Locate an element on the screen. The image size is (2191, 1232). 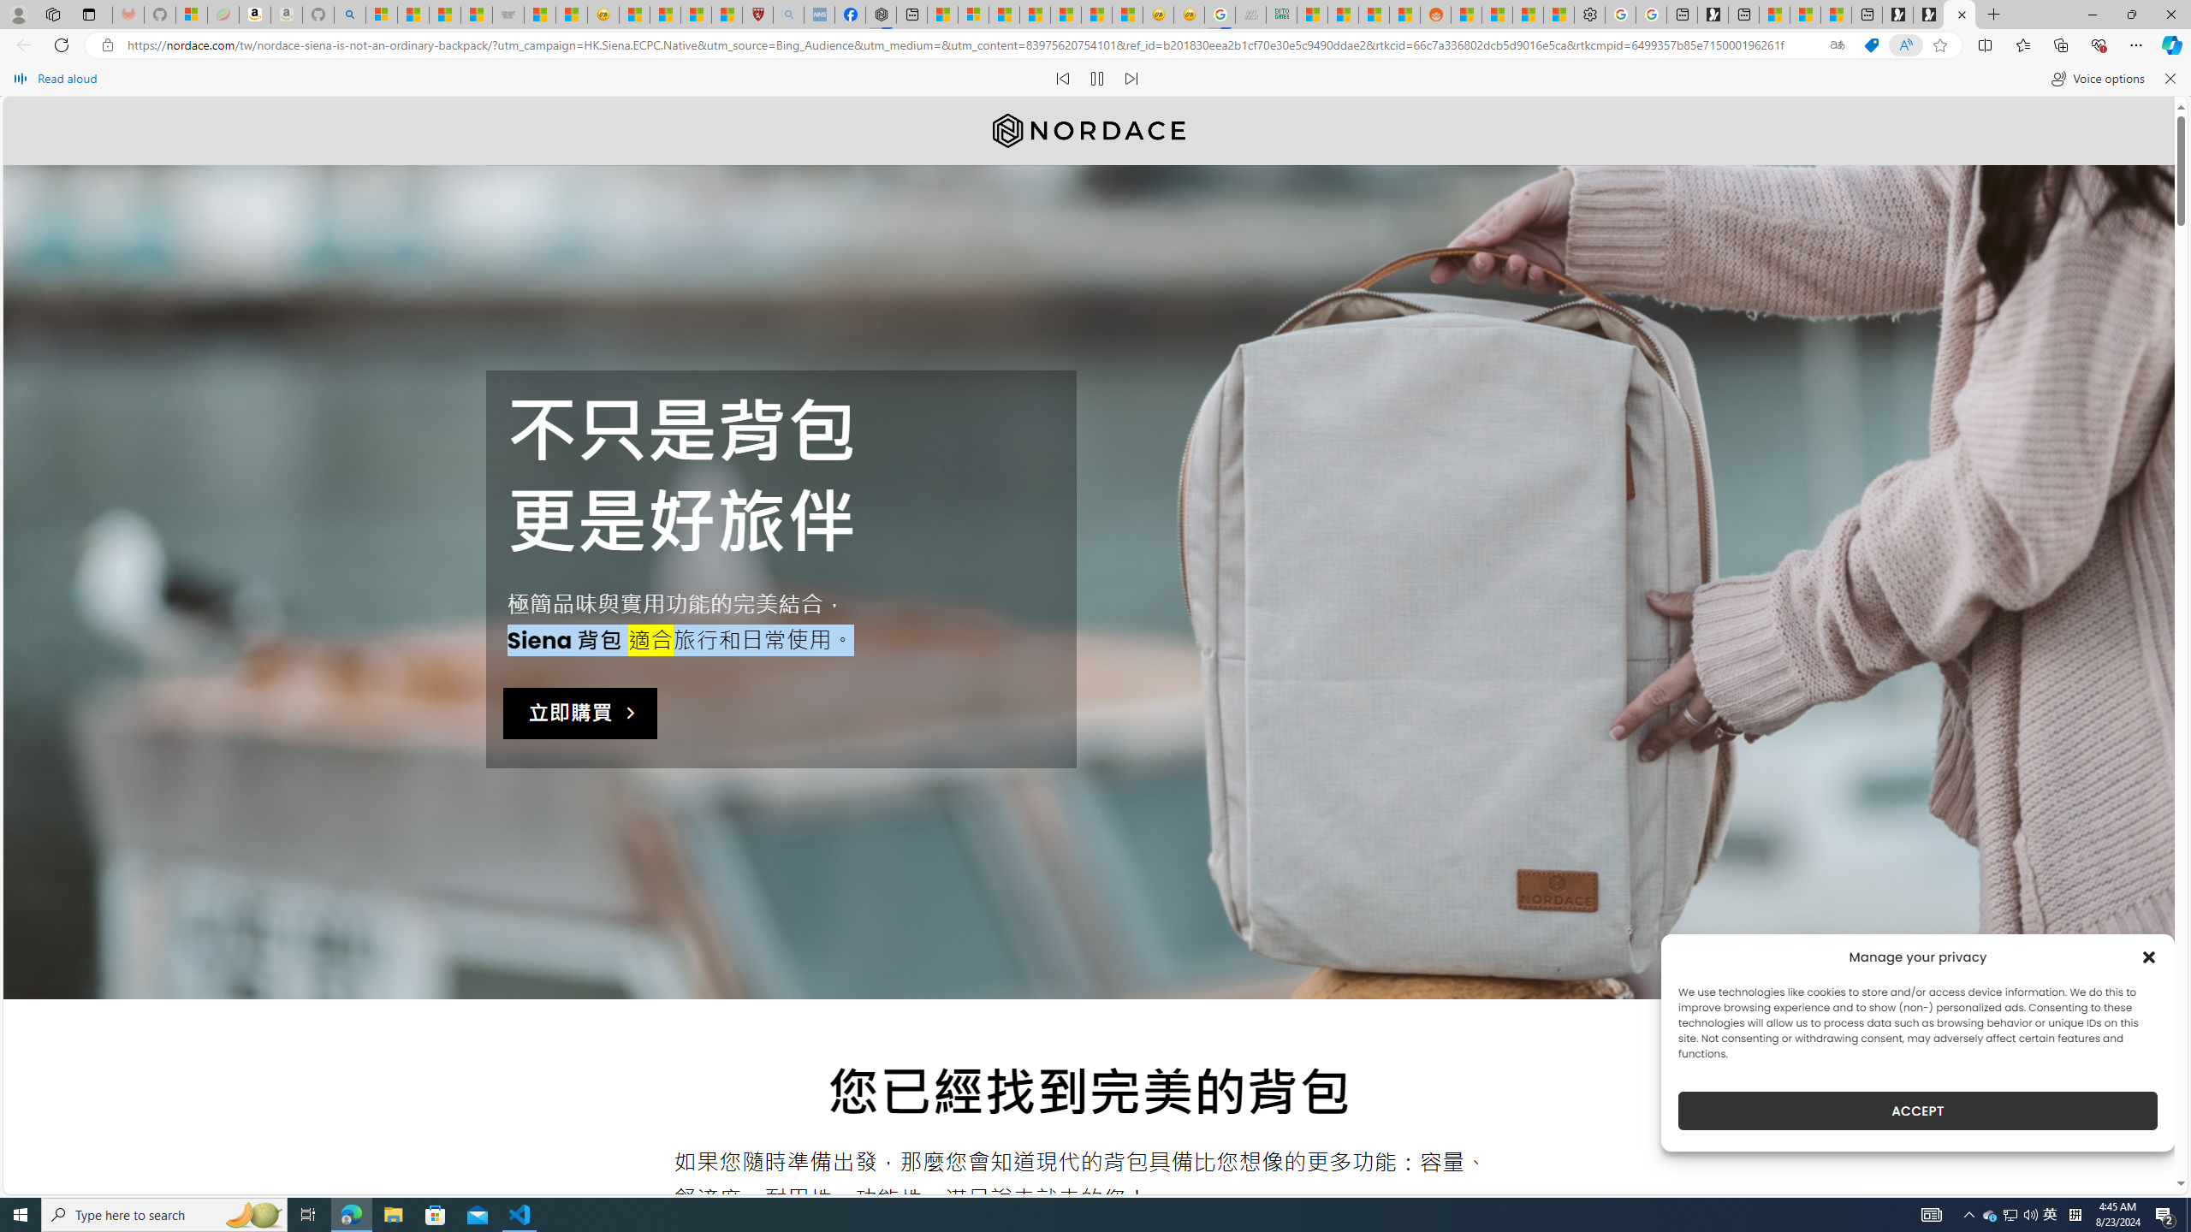
'Combat Siege' is located at coordinates (507, 14).